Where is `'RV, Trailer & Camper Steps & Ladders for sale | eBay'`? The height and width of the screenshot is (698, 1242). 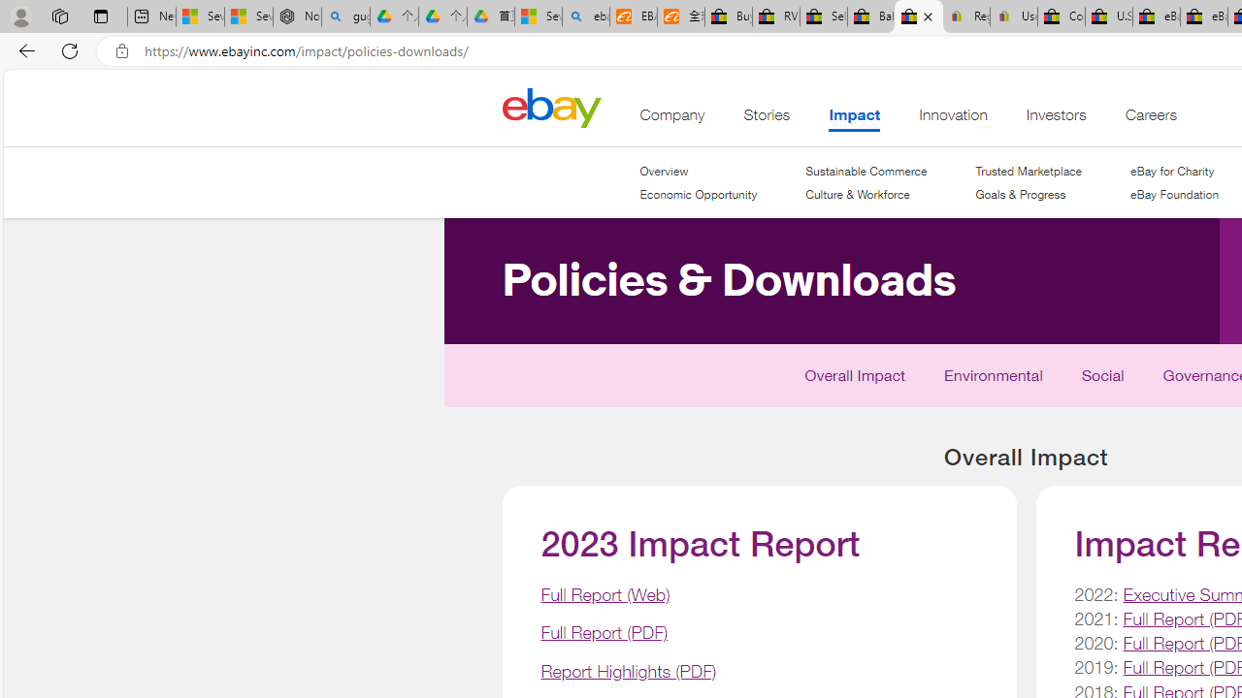
'RV, Trailer & Camper Steps & Ladders for sale | eBay' is located at coordinates (776, 16).